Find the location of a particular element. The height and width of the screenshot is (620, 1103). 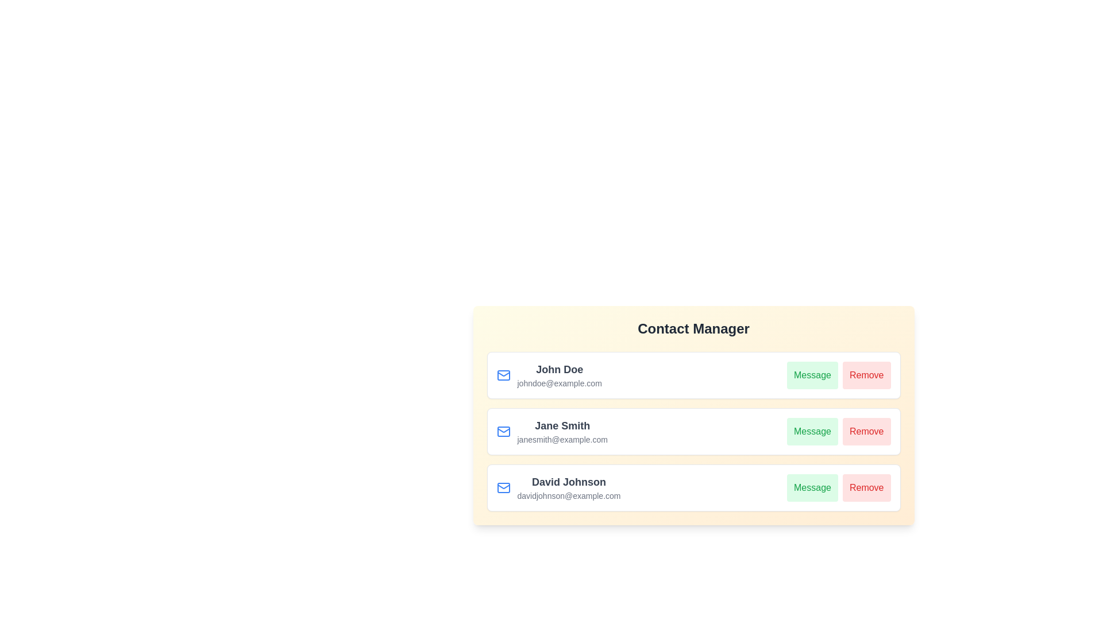

Remove button for the contact Jane Smith is located at coordinates (866, 432).